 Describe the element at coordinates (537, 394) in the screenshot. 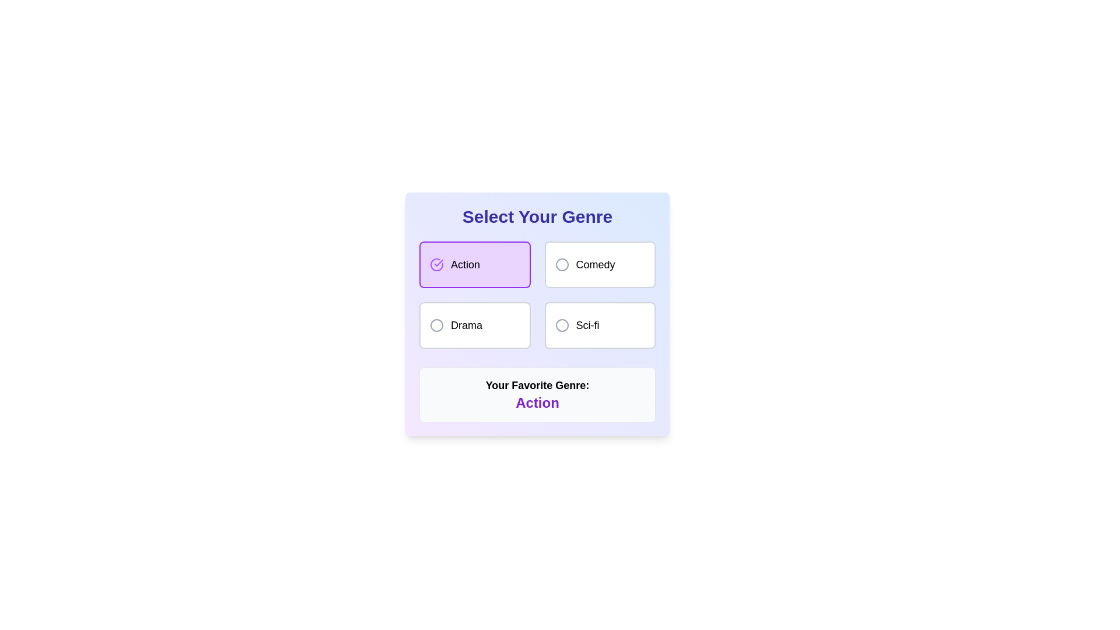

I see `displayed text from the informational display area below the genre selection buttons, which shows 'Your Favorite Genre:' and 'Action'` at that location.